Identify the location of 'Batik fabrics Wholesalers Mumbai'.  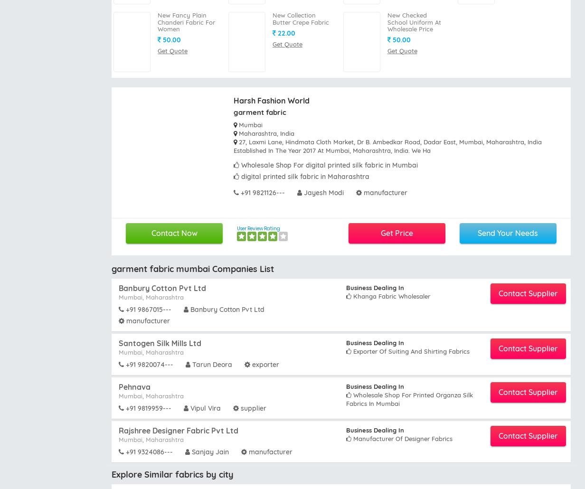
(510, 380).